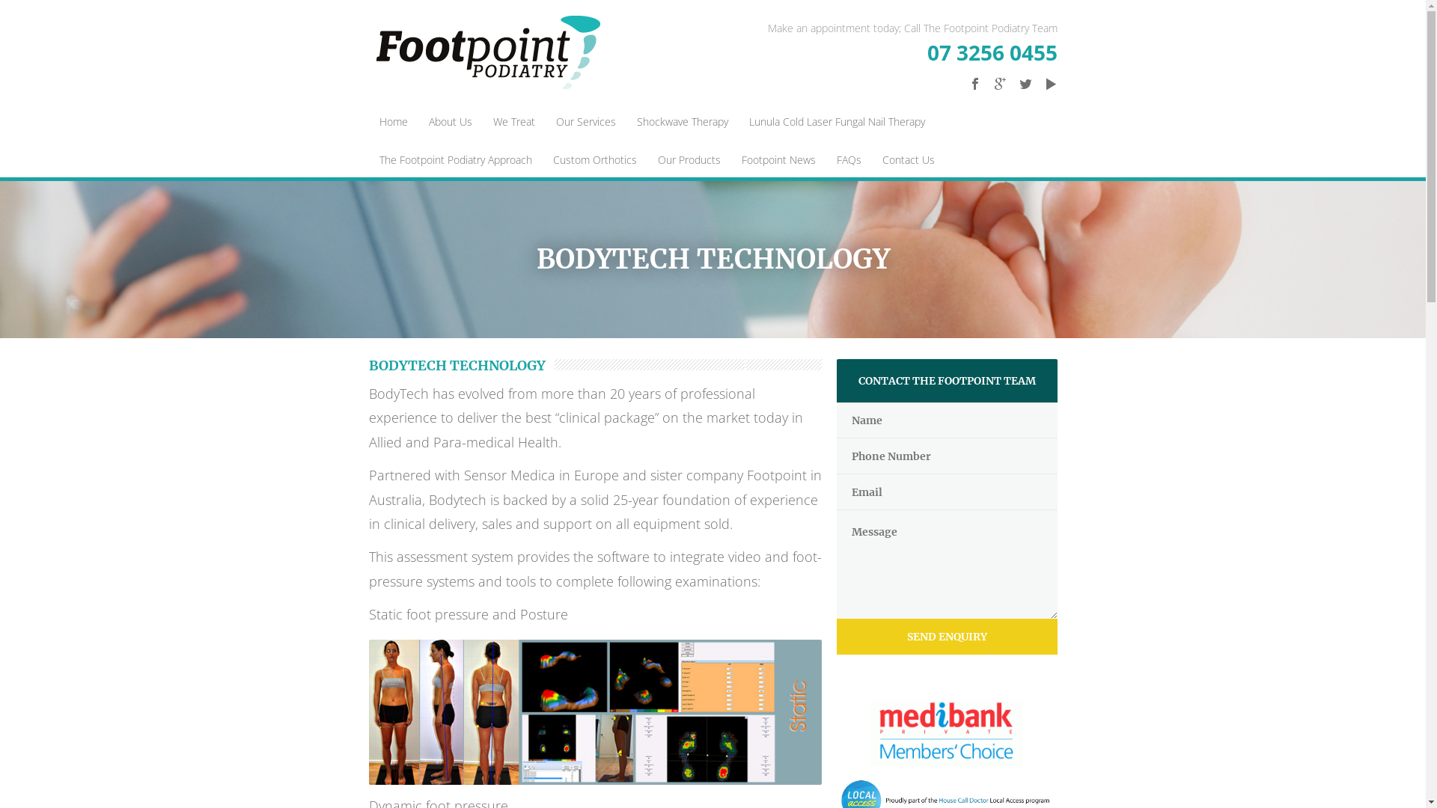  I want to click on 'The Footpoint Podiatry Approach', so click(367, 162).